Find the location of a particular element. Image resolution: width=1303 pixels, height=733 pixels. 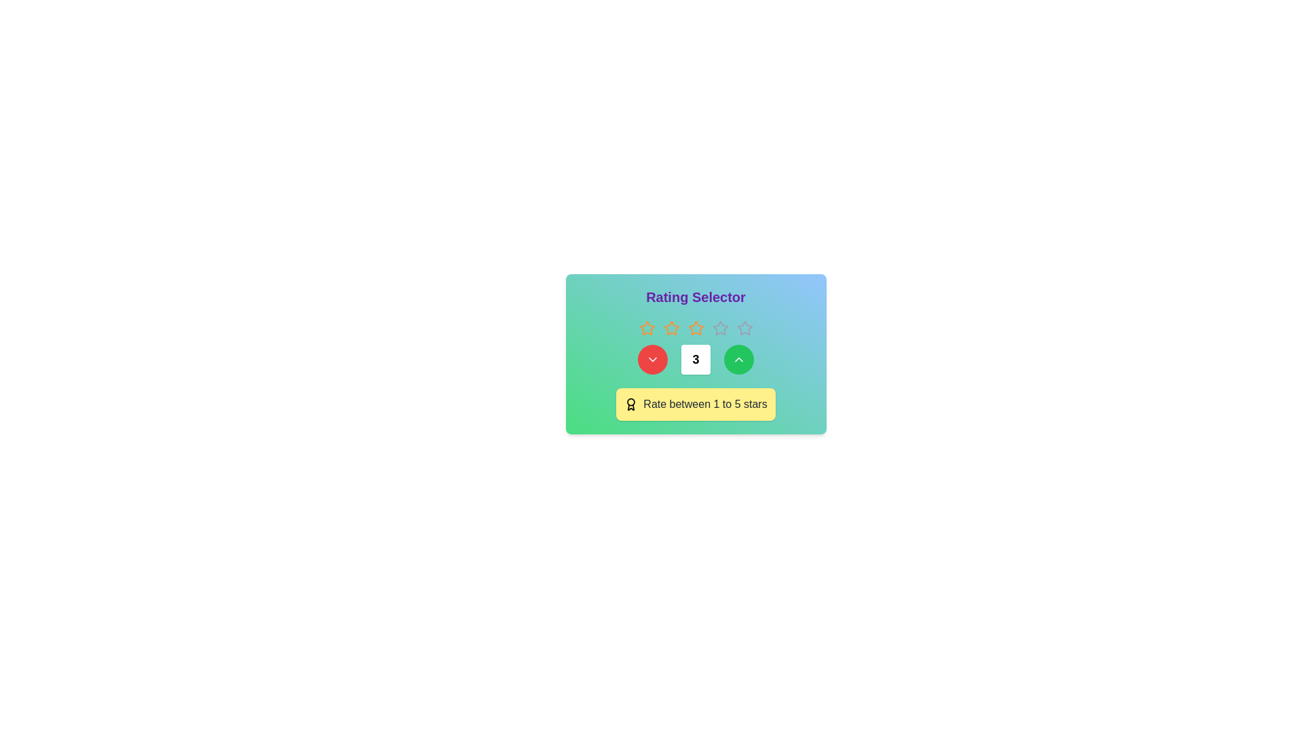

the second star-shaped icon from the left in the rating selector is located at coordinates (646, 328).